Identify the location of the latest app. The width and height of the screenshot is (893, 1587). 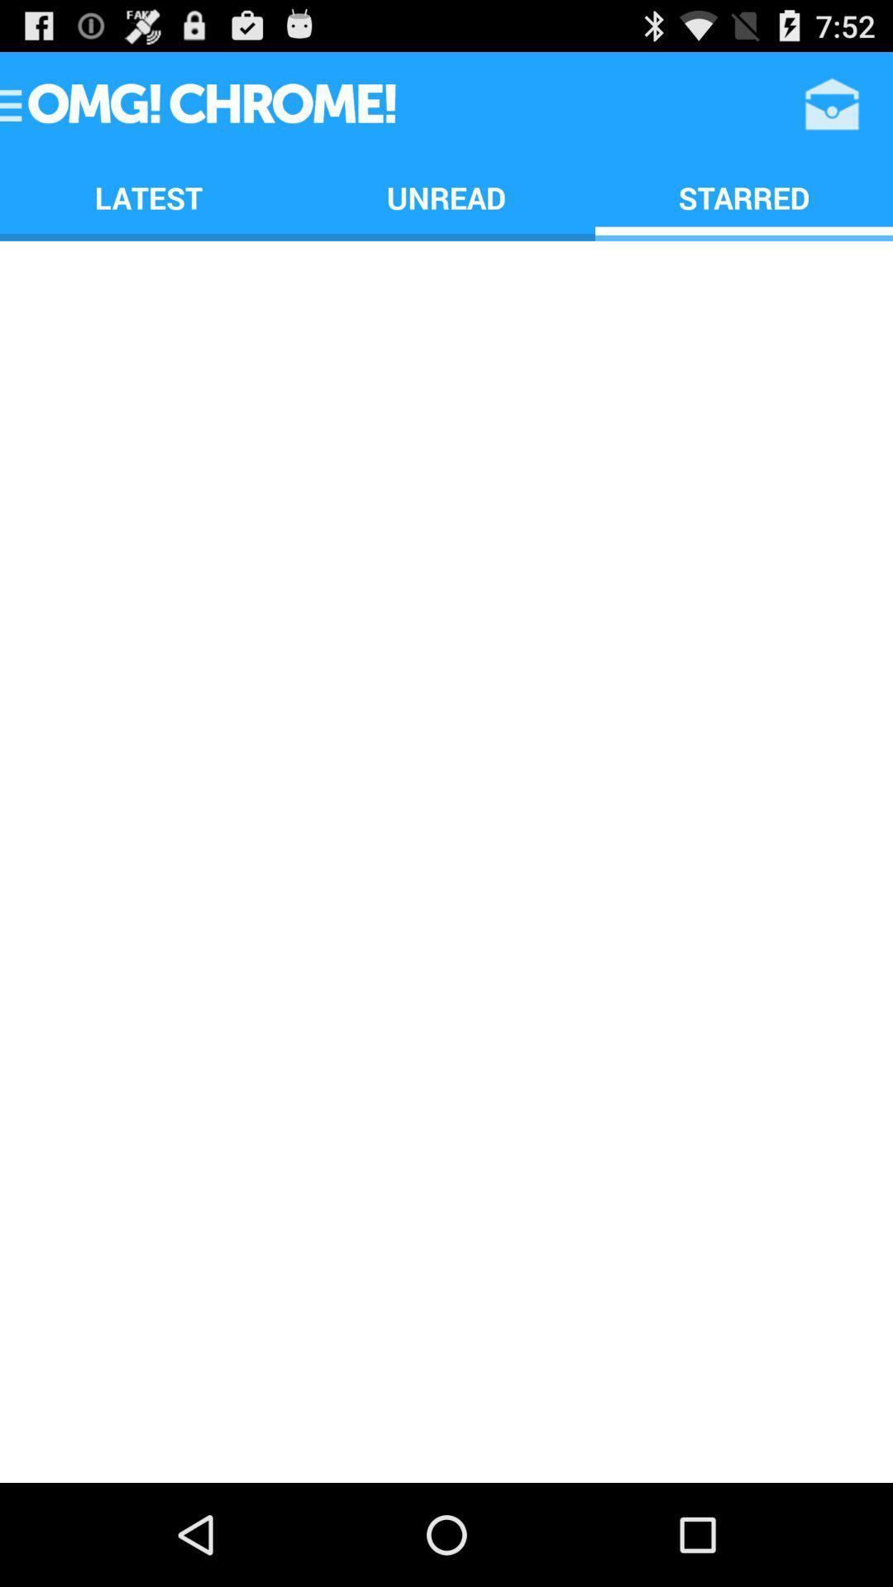
(149, 198).